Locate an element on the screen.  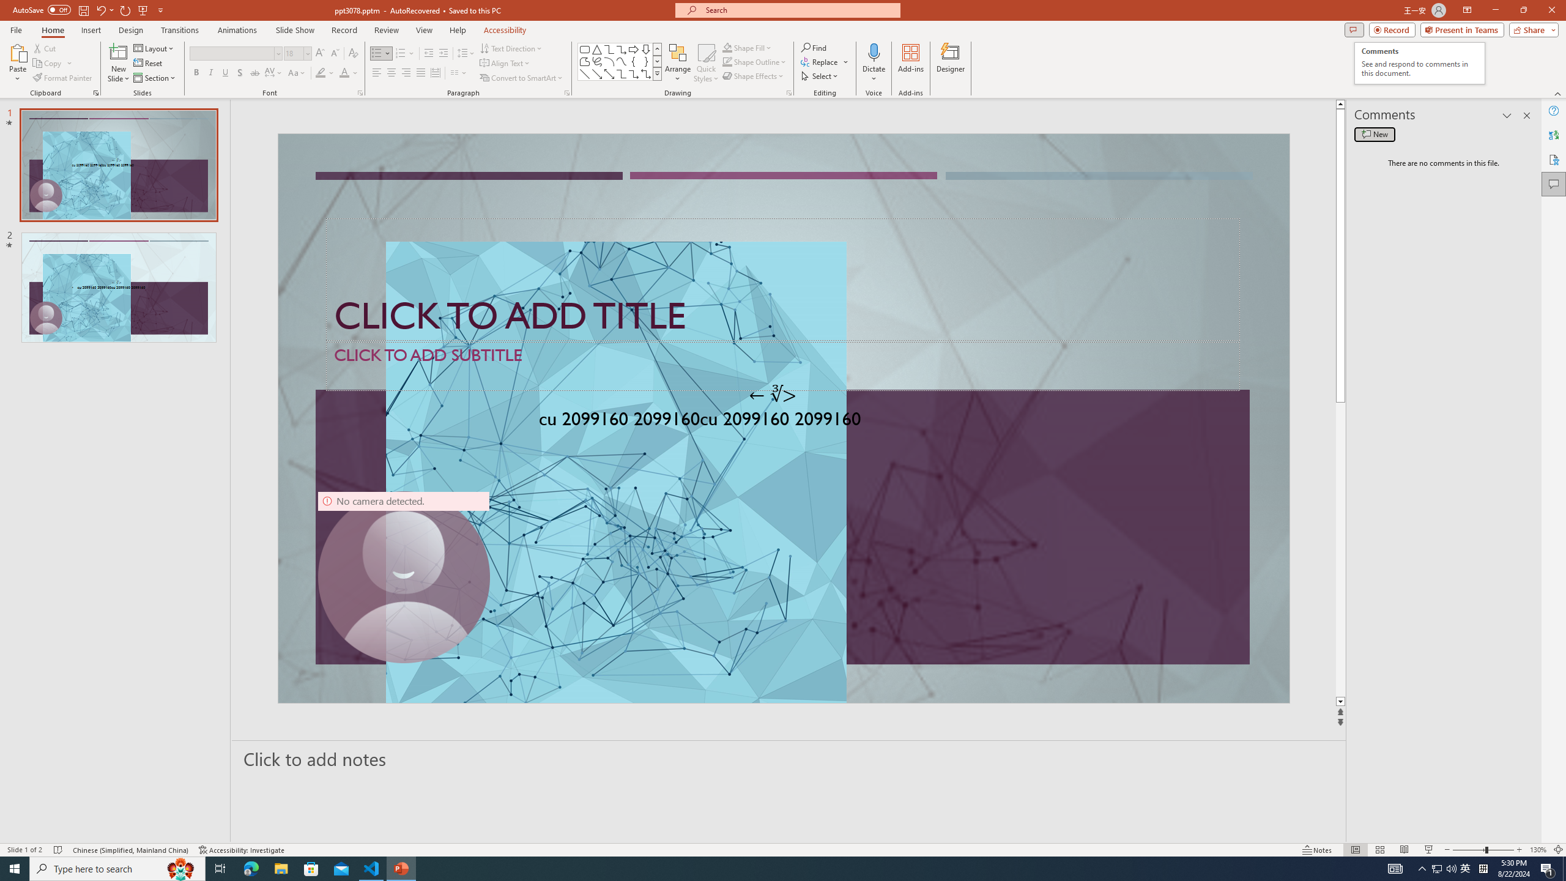
'Zoom 130%' is located at coordinates (1538, 850).